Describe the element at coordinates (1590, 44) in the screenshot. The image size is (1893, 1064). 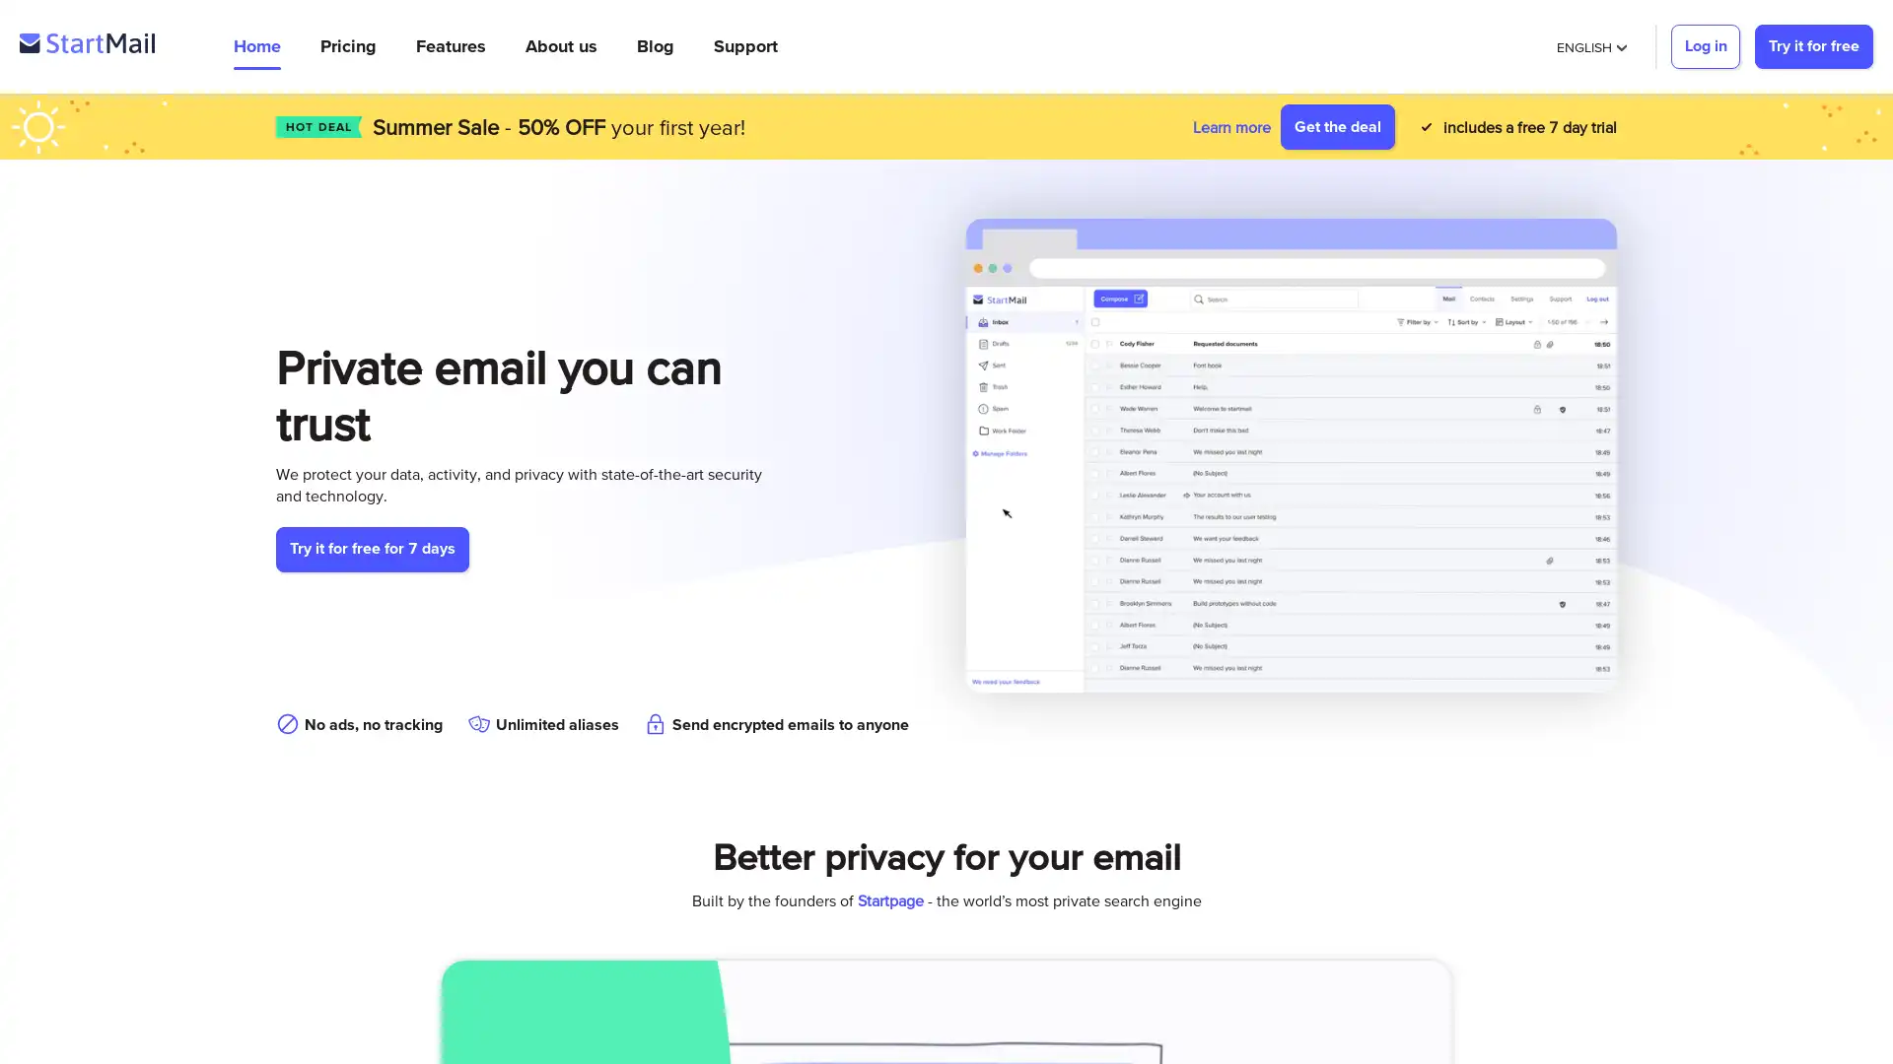
I see `Selected Language: English` at that location.